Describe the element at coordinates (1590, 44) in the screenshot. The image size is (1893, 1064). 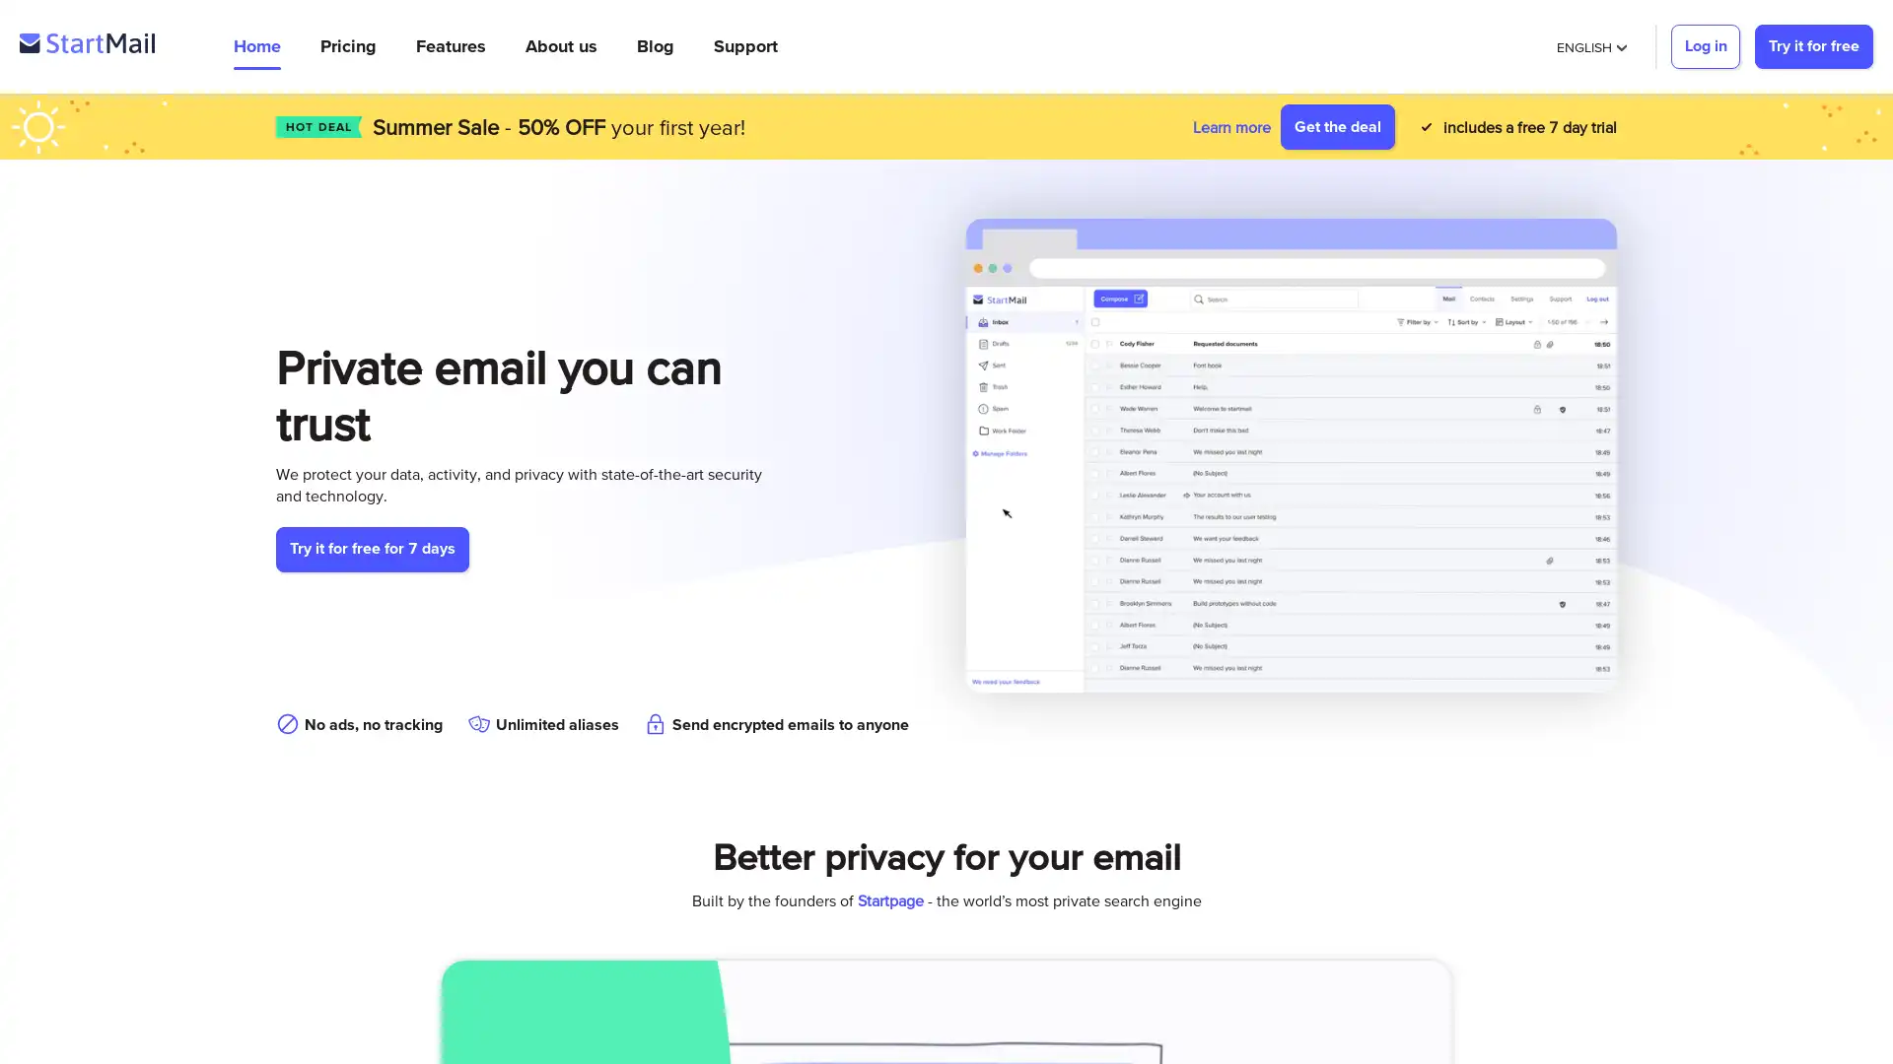
I see `Selected Language: English` at that location.